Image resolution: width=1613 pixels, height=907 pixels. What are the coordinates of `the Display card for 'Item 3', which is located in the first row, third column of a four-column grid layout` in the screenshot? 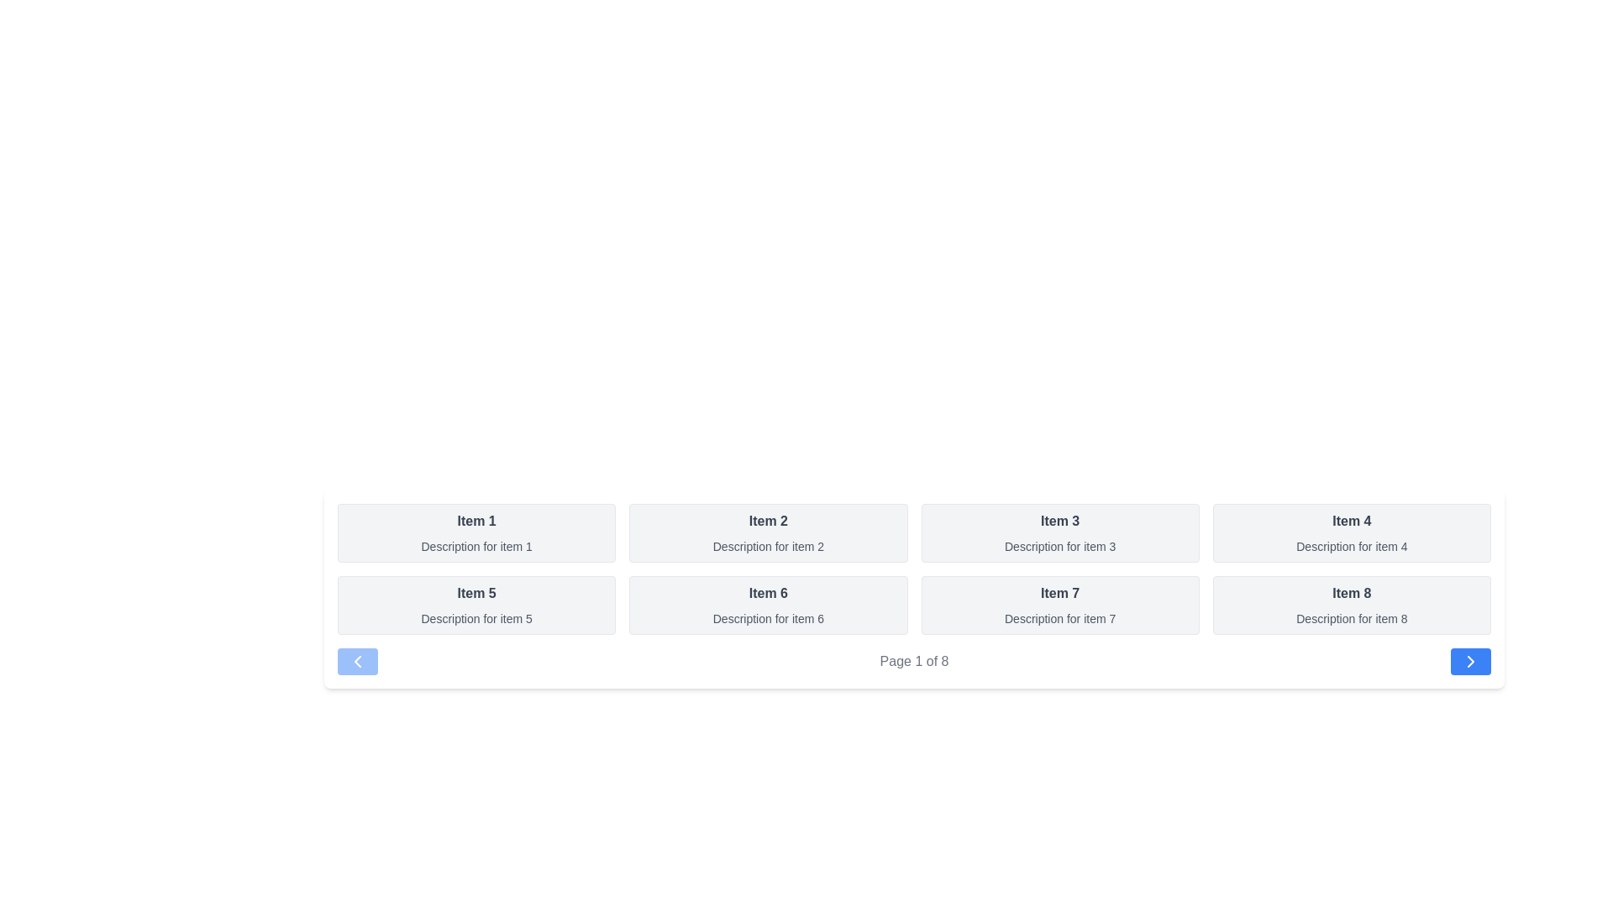 It's located at (1059, 533).